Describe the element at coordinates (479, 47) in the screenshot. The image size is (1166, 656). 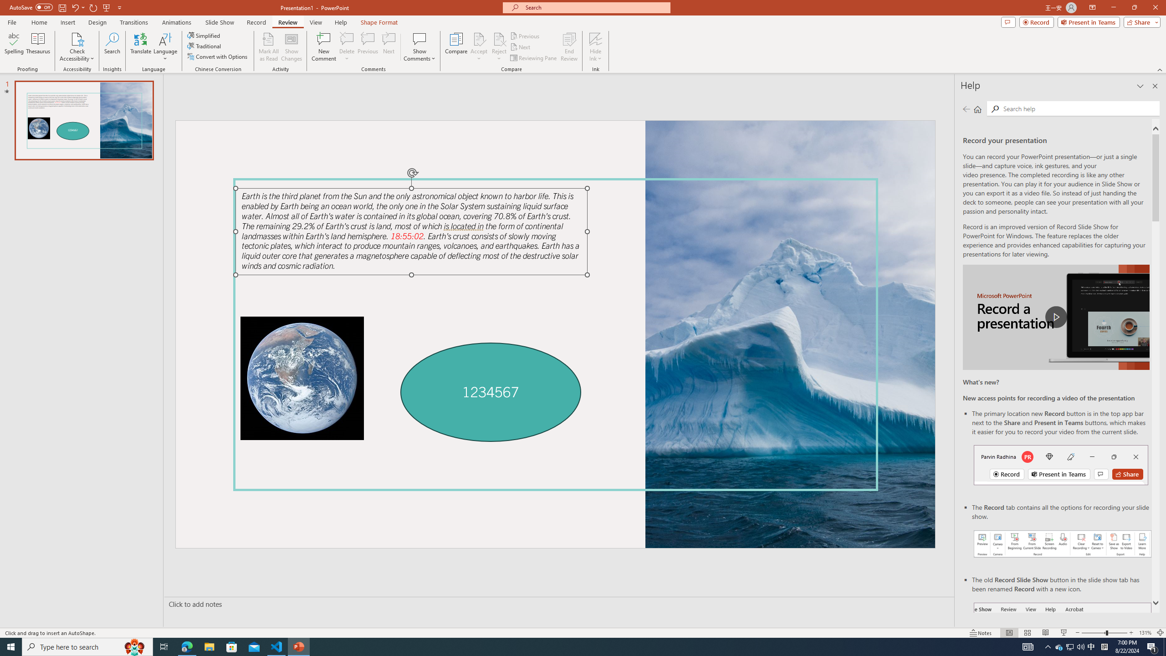
I see `'Accept'` at that location.